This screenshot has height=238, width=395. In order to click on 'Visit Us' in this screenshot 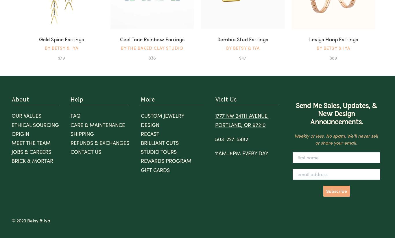, I will do `click(215, 99)`.